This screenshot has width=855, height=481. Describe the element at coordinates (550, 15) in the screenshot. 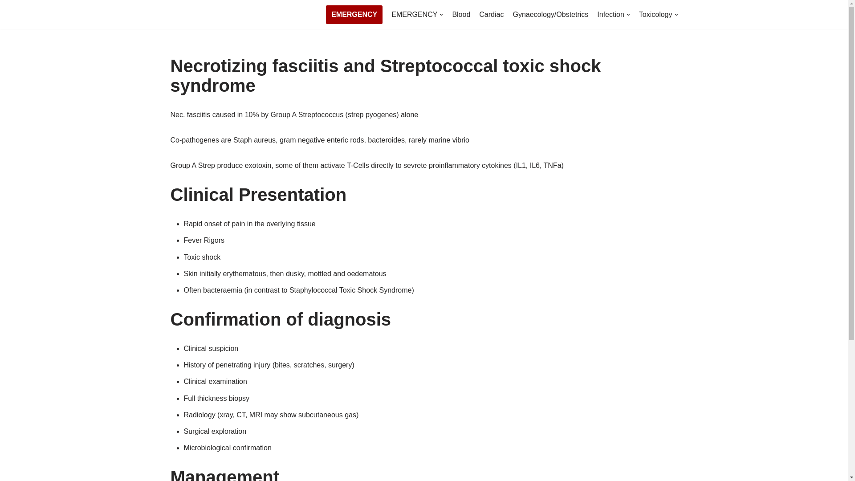

I see `'Gynaecology/Obstetrics'` at that location.